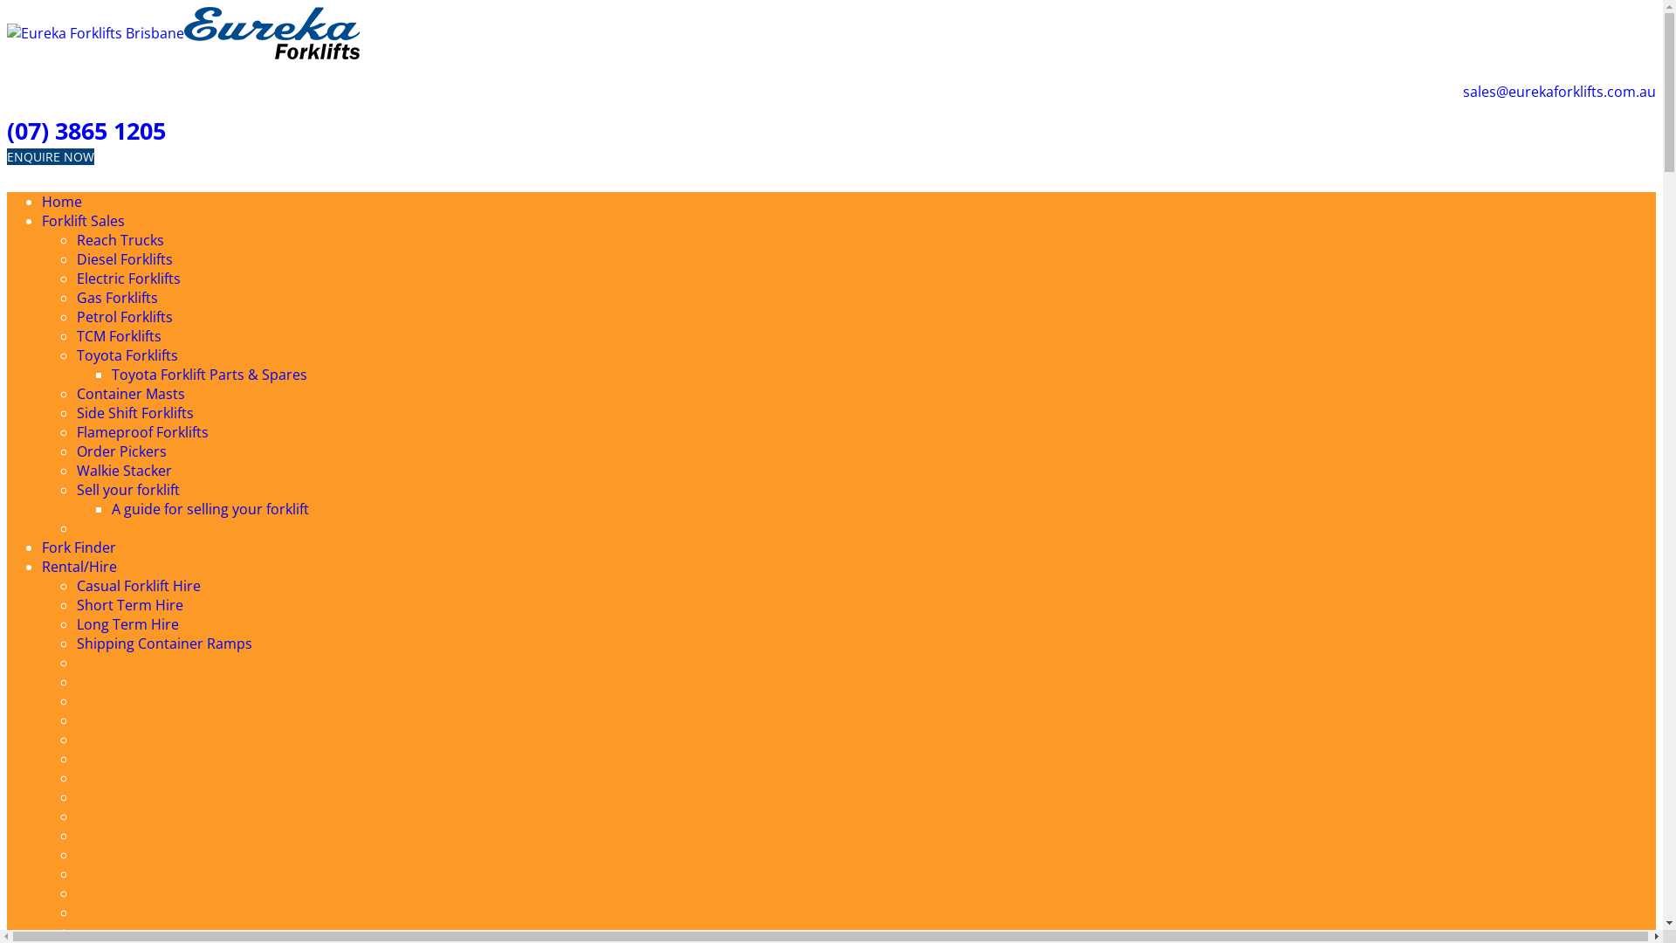 The width and height of the screenshot is (1676, 943). What do you see at coordinates (78, 547) in the screenshot?
I see `'Fork Finder'` at bounding box center [78, 547].